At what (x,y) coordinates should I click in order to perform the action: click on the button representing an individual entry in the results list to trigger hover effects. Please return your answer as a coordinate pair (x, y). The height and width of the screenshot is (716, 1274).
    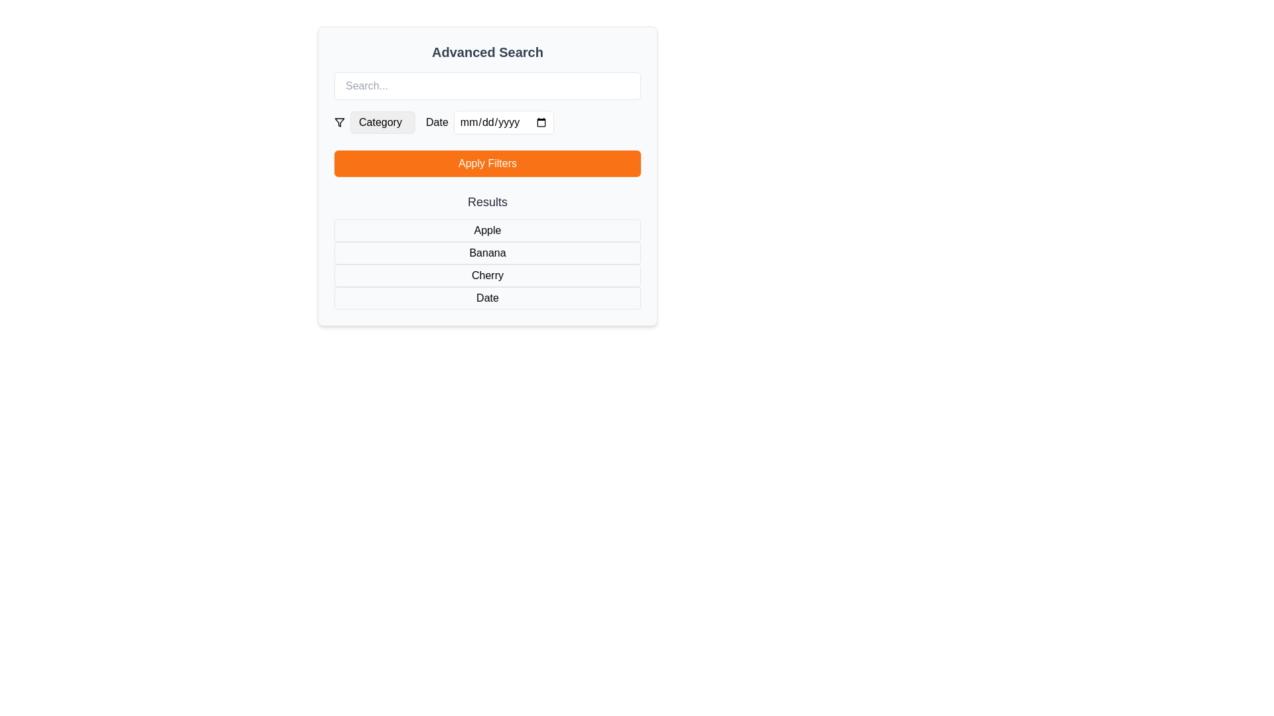
    Looking at the image, I should click on (486, 251).